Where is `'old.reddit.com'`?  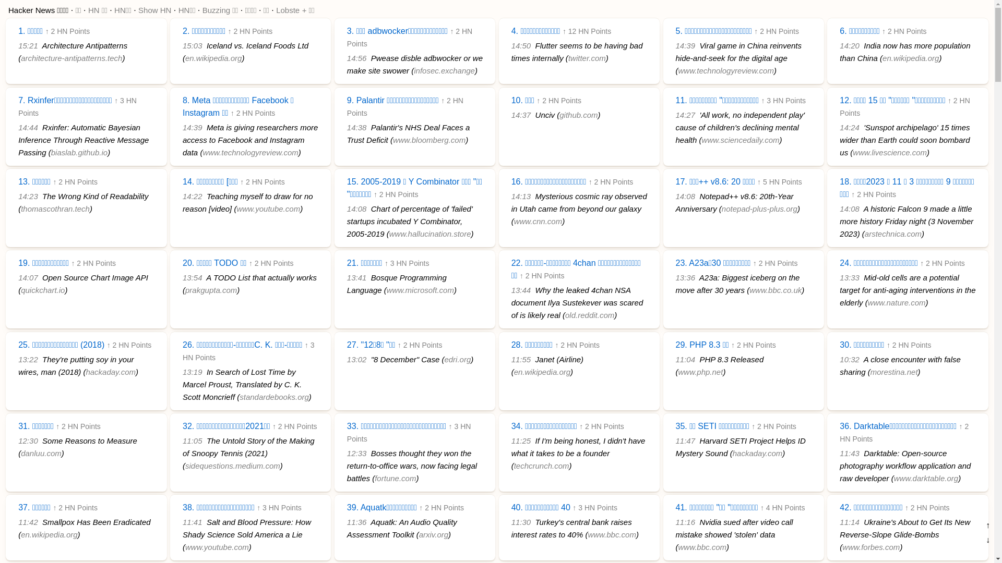 'old.reddit.com' is located at coordinates (565, 314).